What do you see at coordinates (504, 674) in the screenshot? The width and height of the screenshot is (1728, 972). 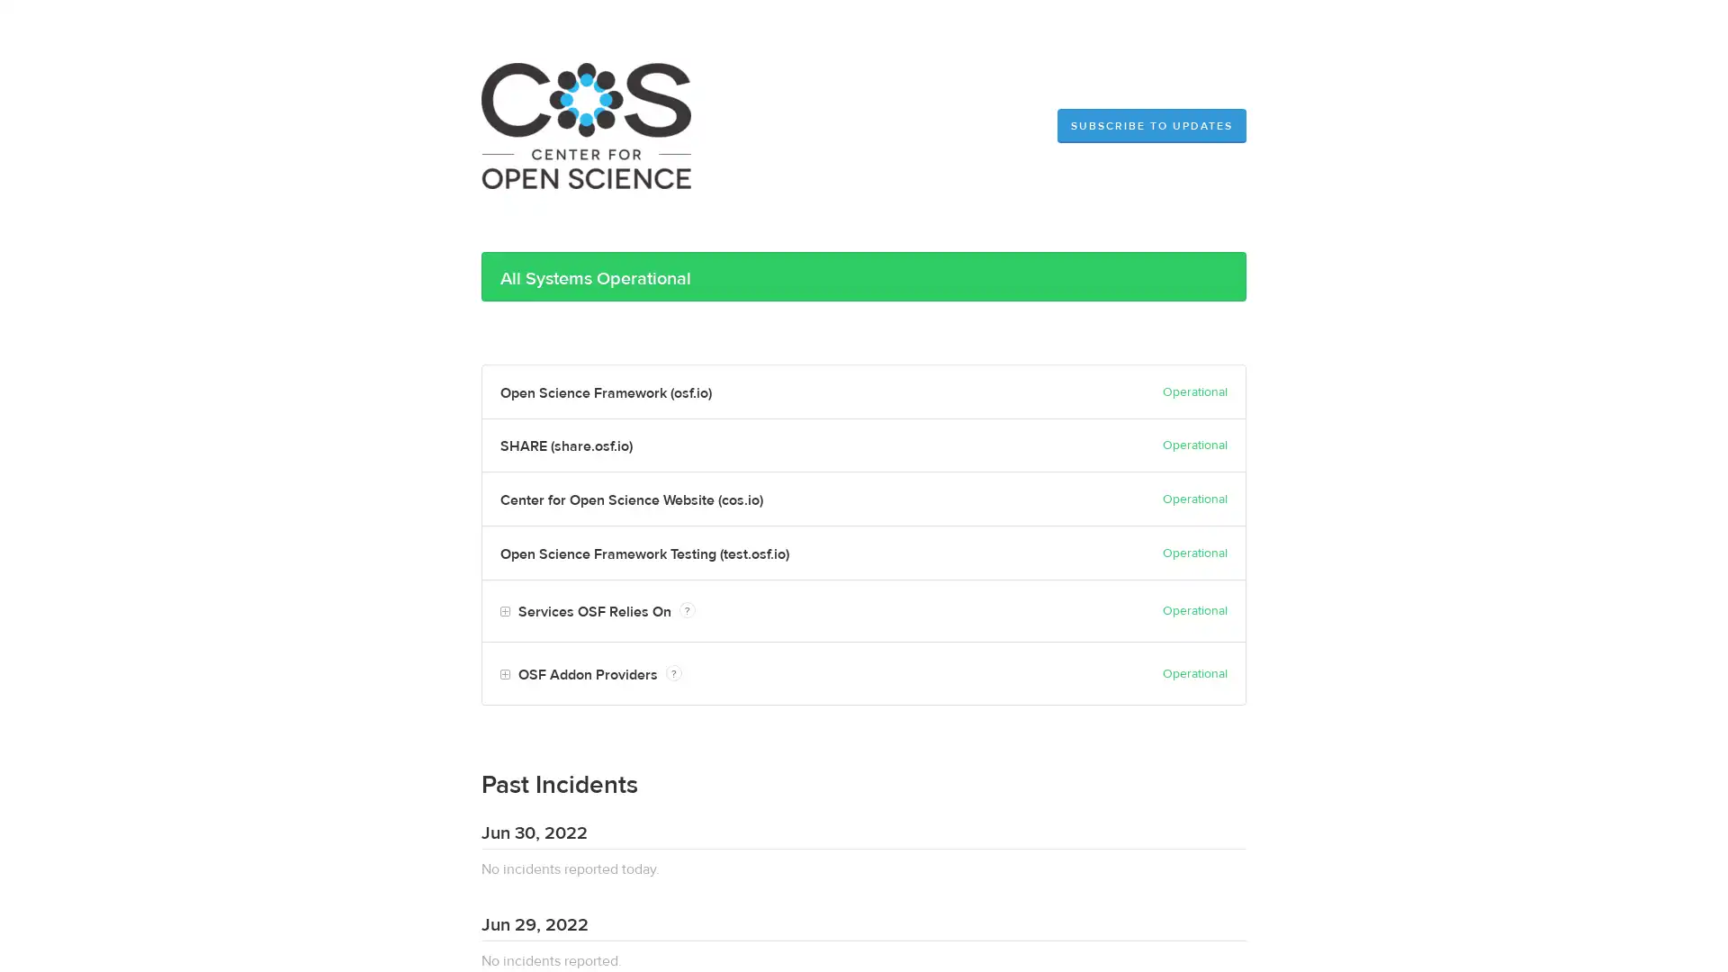 I see `Toggle OSF Addon Providers` at bounding box center [504, 674].